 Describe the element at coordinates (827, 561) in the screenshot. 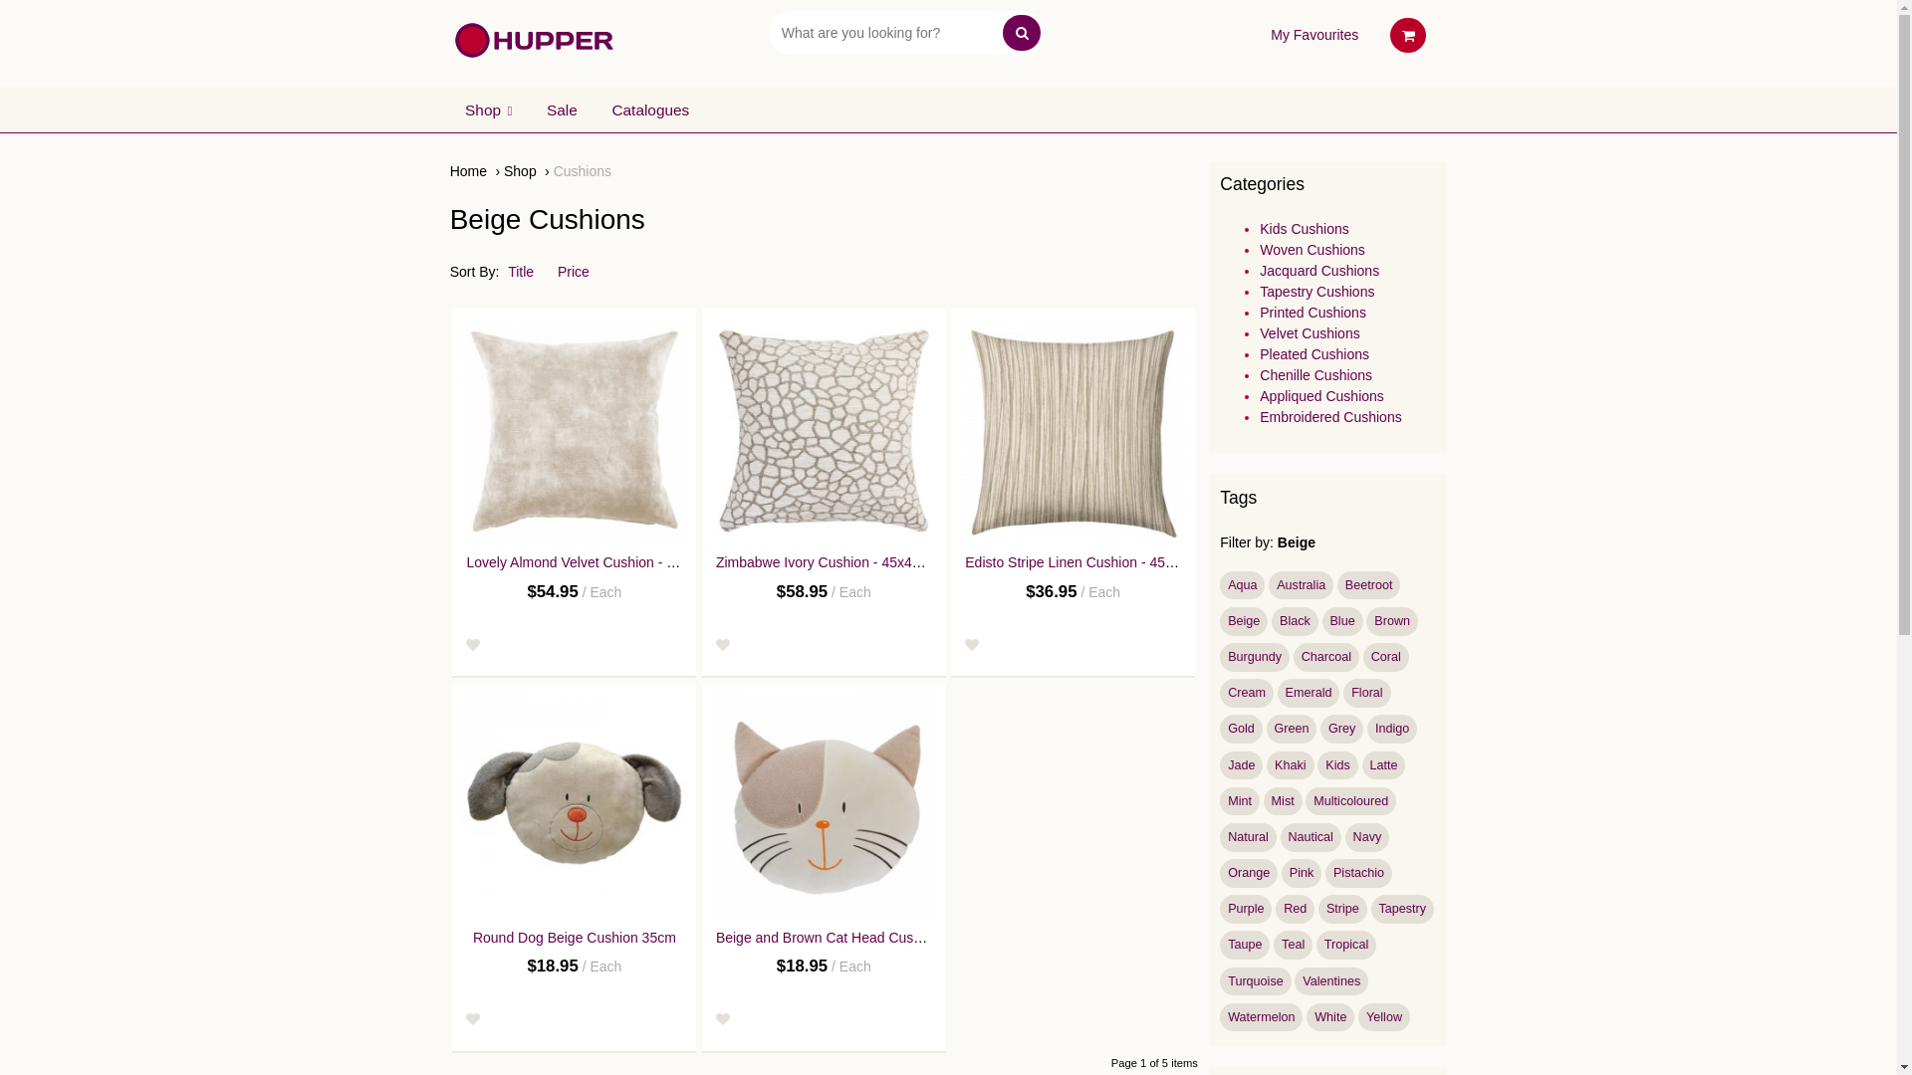

I see `'Zimbabwe Ivory Cushion - 45x45cm'` at that location.